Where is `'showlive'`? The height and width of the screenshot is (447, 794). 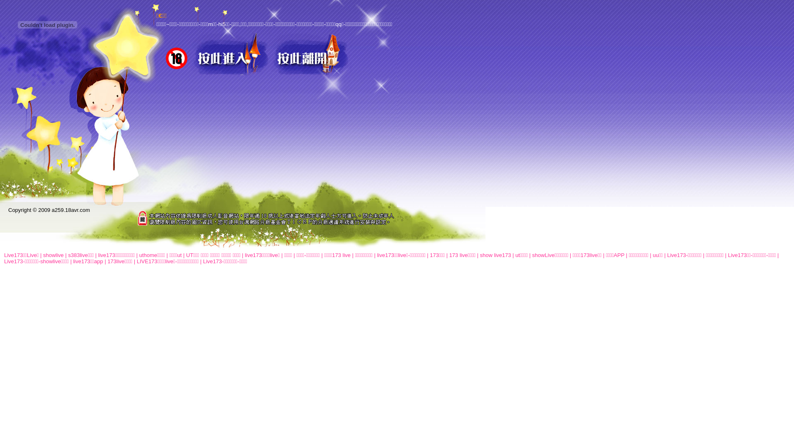
'showlive' is located at coordinates (53, 255).